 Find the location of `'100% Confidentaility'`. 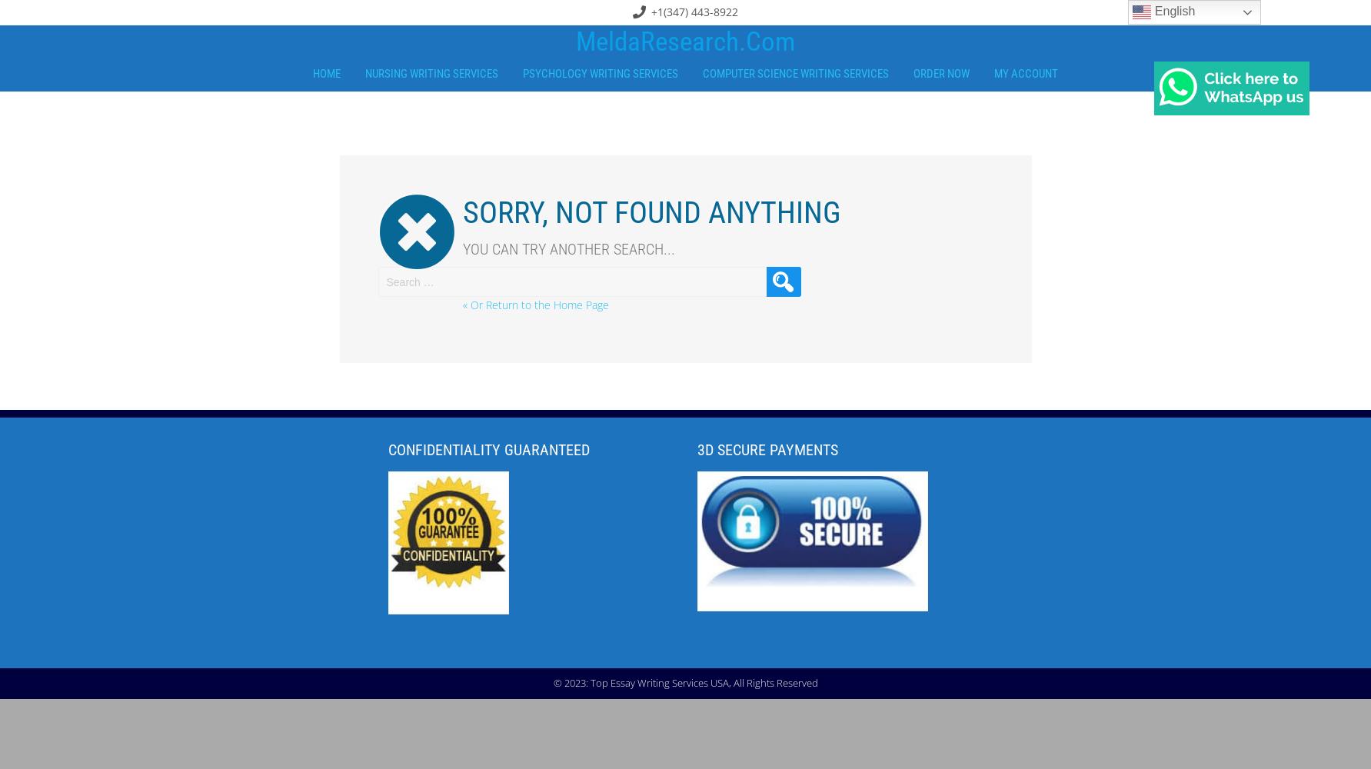

'100% Confidentaility' is located at coordinates (448, 598).